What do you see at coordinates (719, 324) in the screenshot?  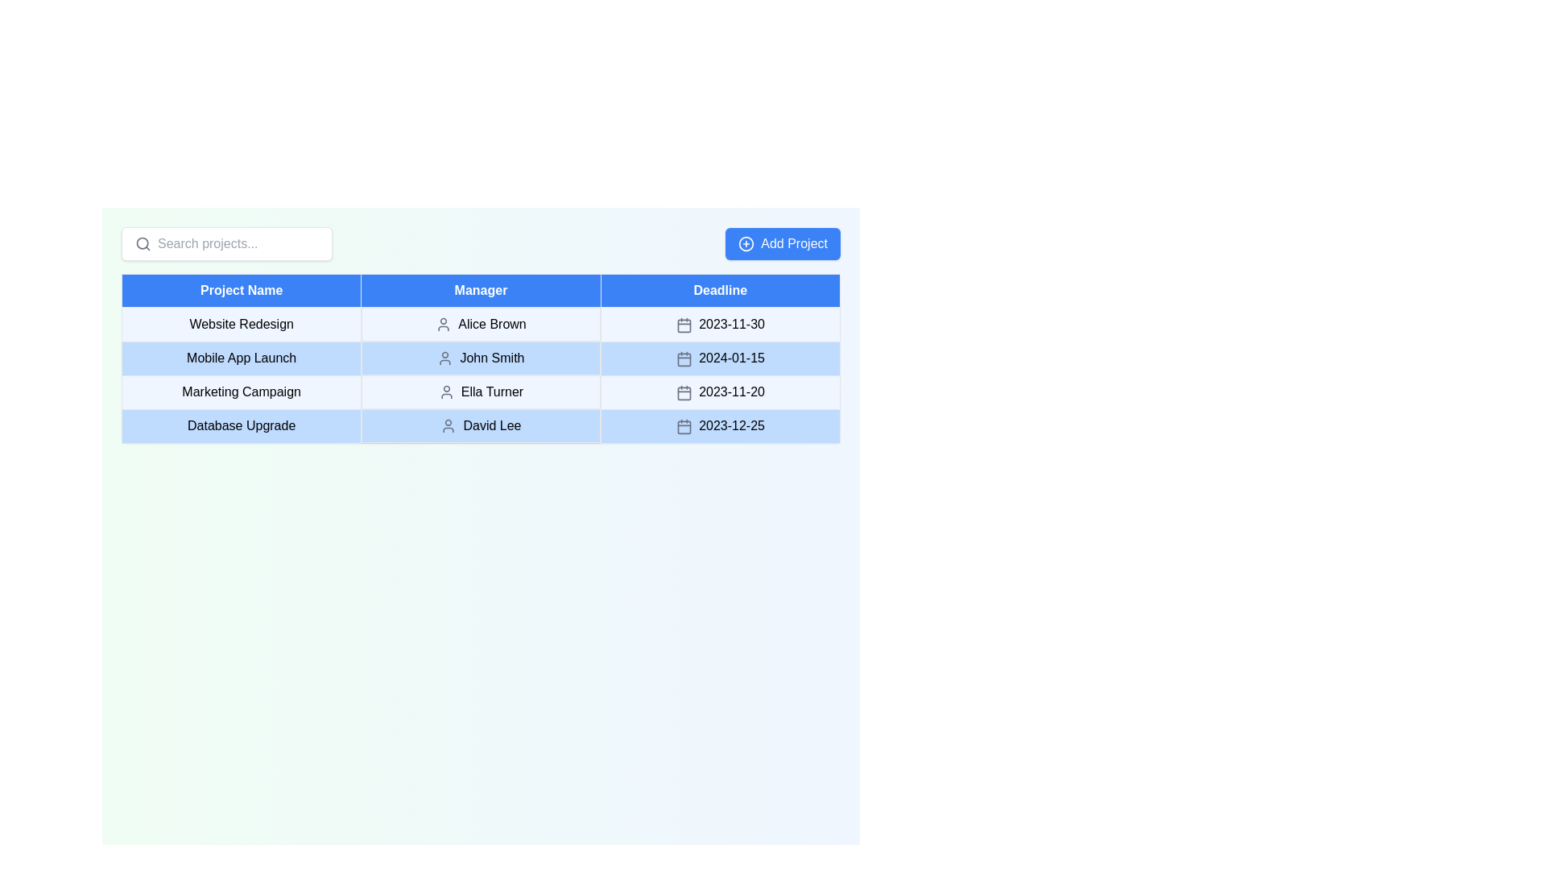 I see `the text displaying '2023-11-30' with a calendar icon located in the 'Deadline' column of the 'Website Redesign' row in the table structure` at bounding box center [719, 324].